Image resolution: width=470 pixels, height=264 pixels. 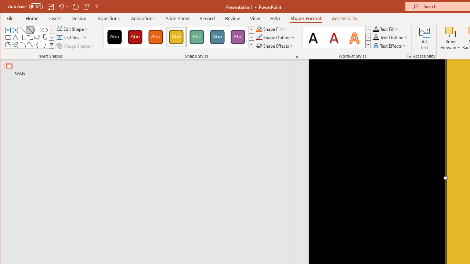 What do you see at coordinates (15, 30) in the screenshot?
I see `'Vertical Text Box'` at bounding box center [15, 30].